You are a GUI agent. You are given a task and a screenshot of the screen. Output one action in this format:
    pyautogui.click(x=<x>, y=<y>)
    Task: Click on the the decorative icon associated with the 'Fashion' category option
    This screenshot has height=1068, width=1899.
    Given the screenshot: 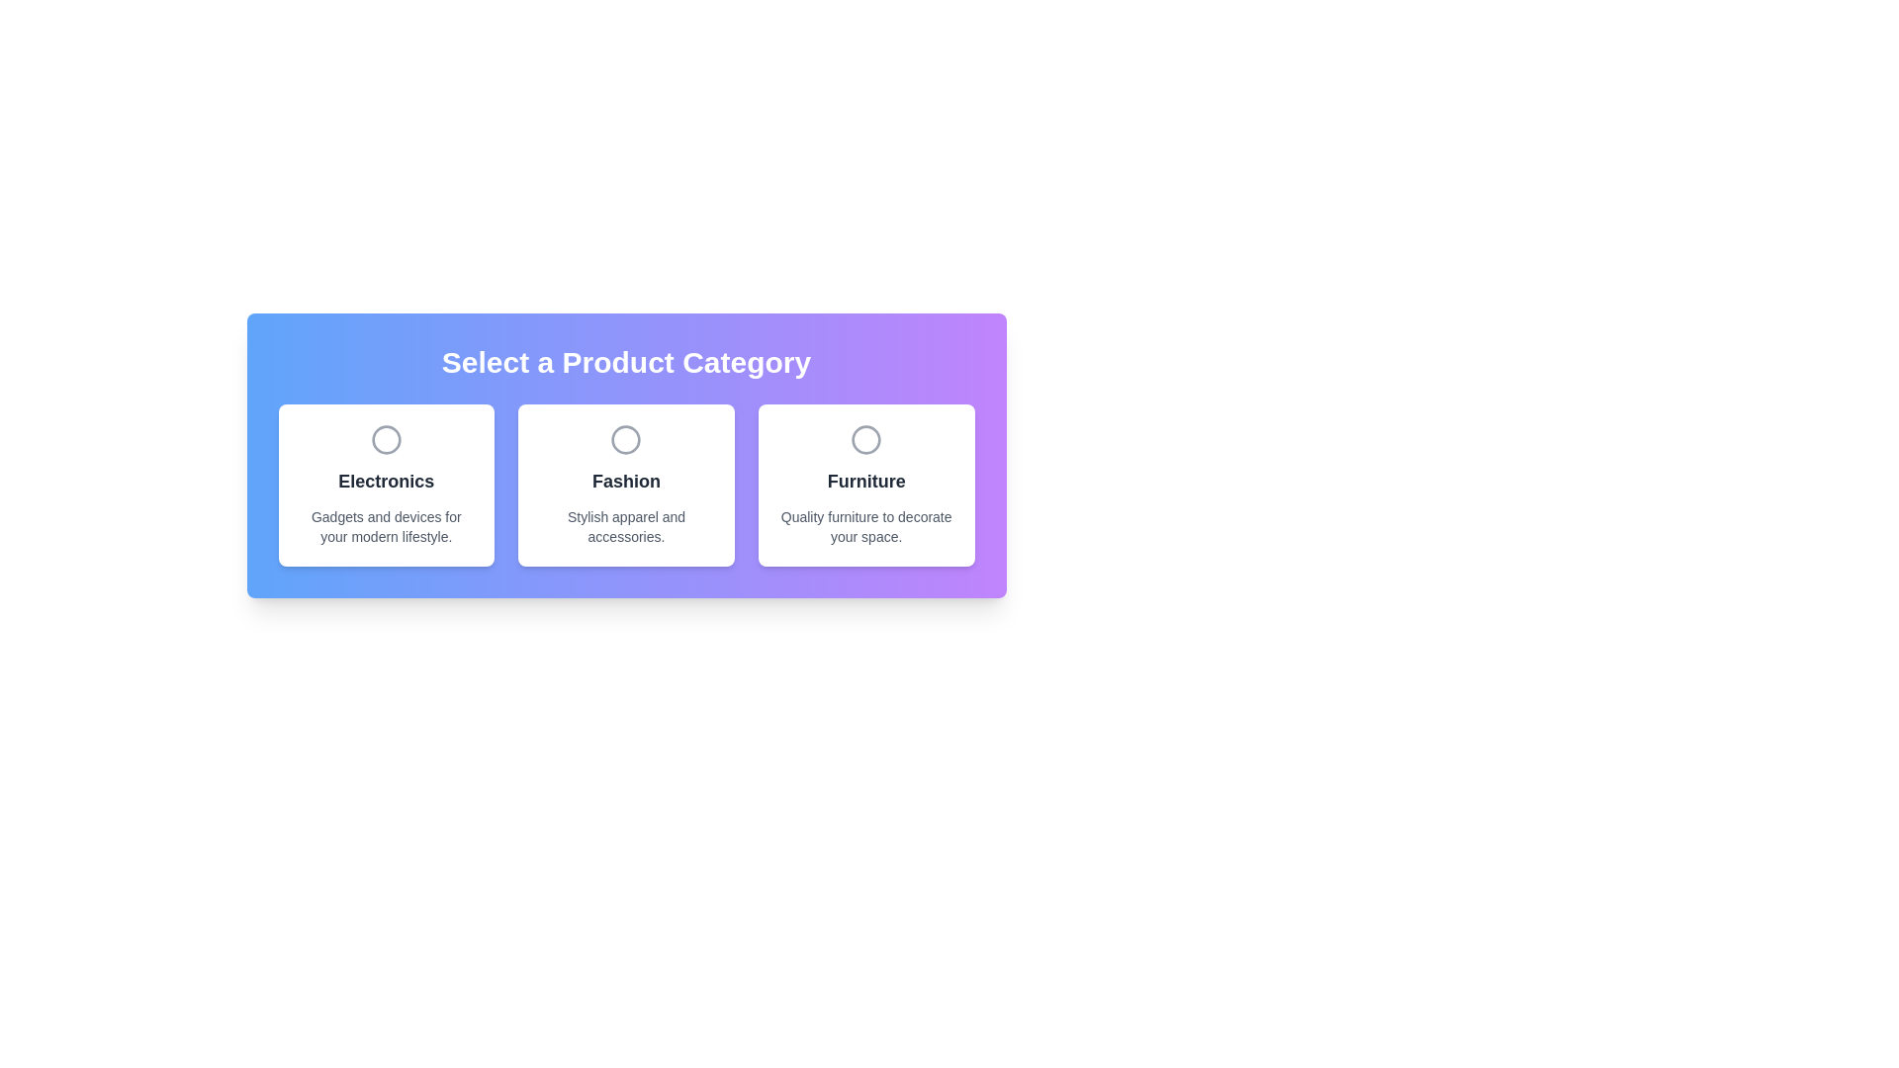 What is the action you would take?
    pyautogui.click(x=625, y=438)
    